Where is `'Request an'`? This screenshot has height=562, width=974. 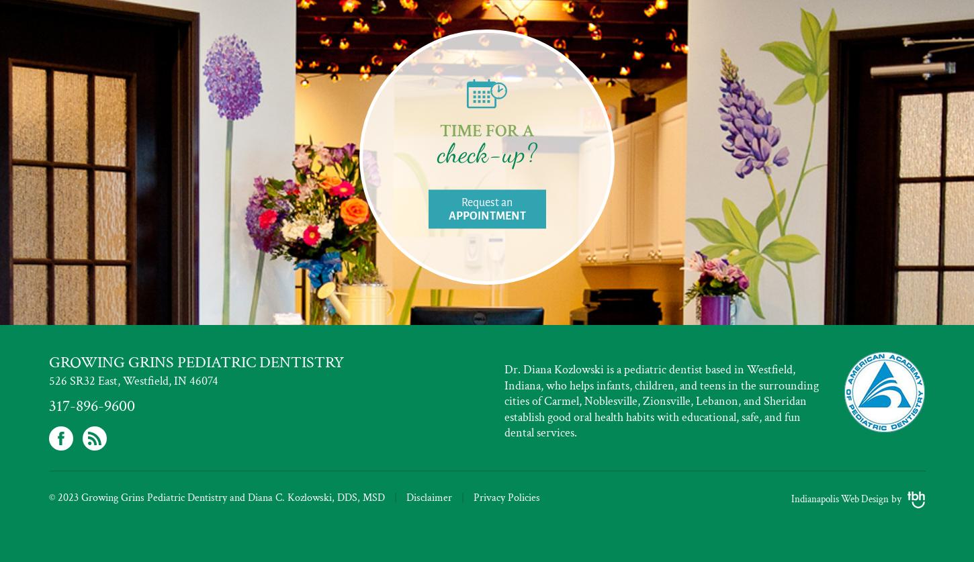 'Request an' is located at coordinates (461, 201).